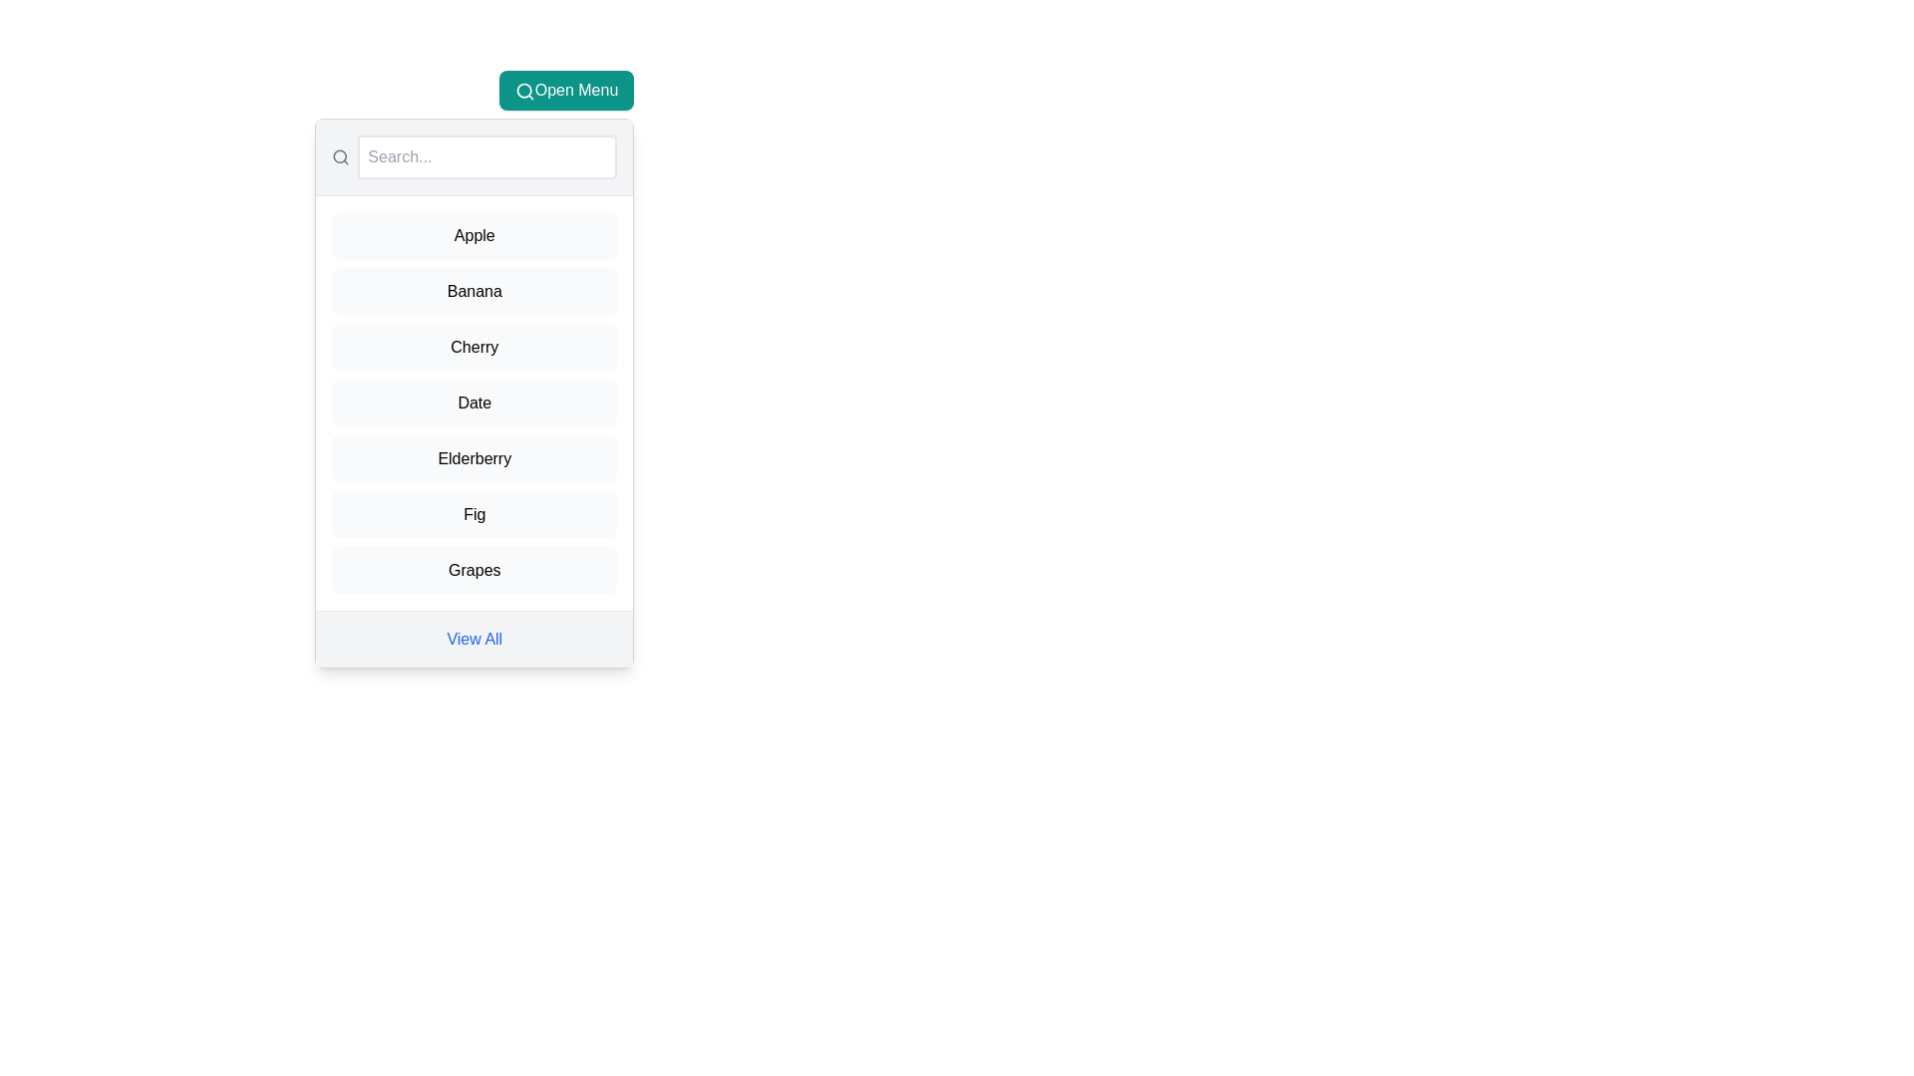  What do you see at coordinates (473, 292) in the screenshot?
I see `the selectable item in the list labeled 'Banana'` at bounding box center [473, 292].